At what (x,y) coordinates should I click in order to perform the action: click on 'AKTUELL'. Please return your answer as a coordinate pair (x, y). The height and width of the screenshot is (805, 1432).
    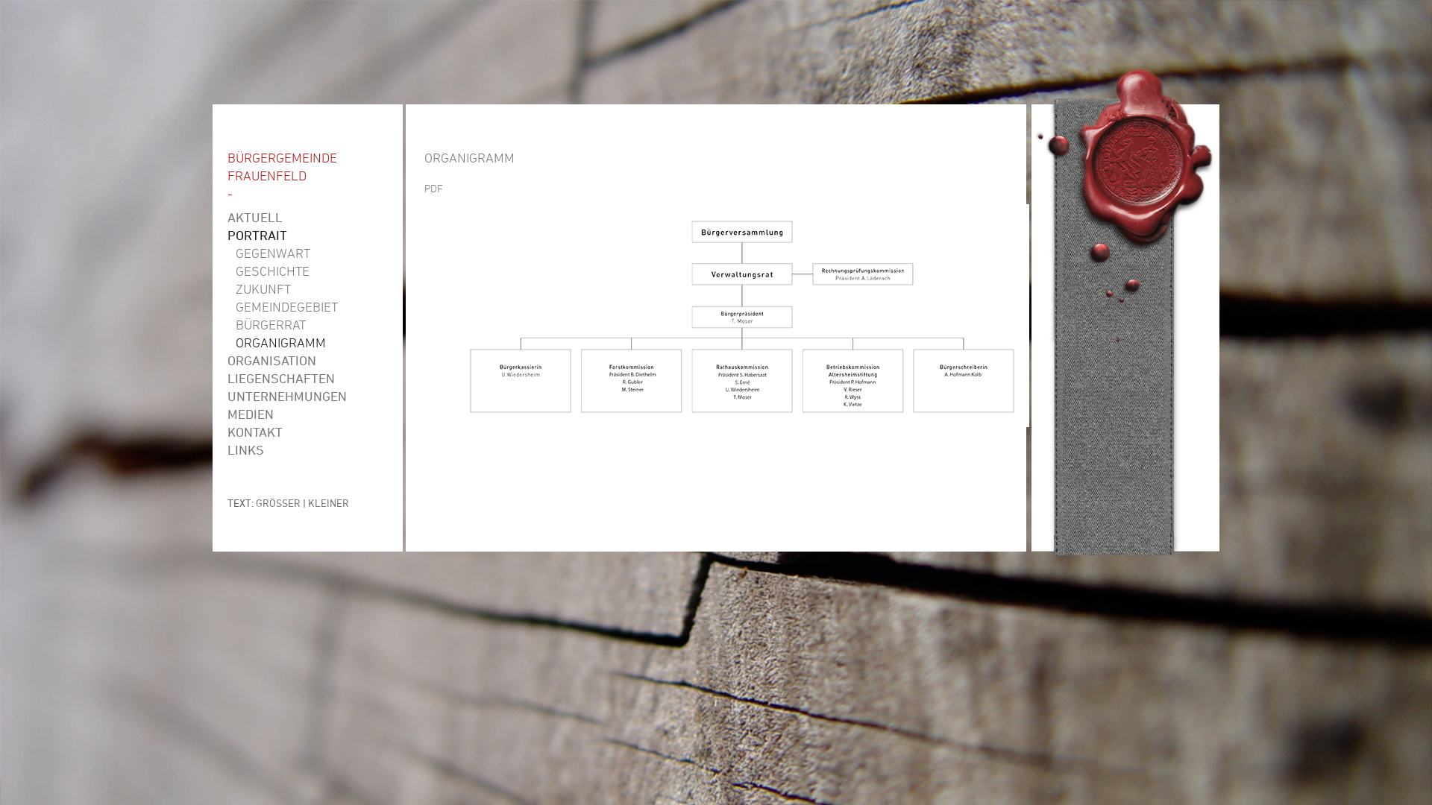
    Looking at the image, I should click on (307, 218).